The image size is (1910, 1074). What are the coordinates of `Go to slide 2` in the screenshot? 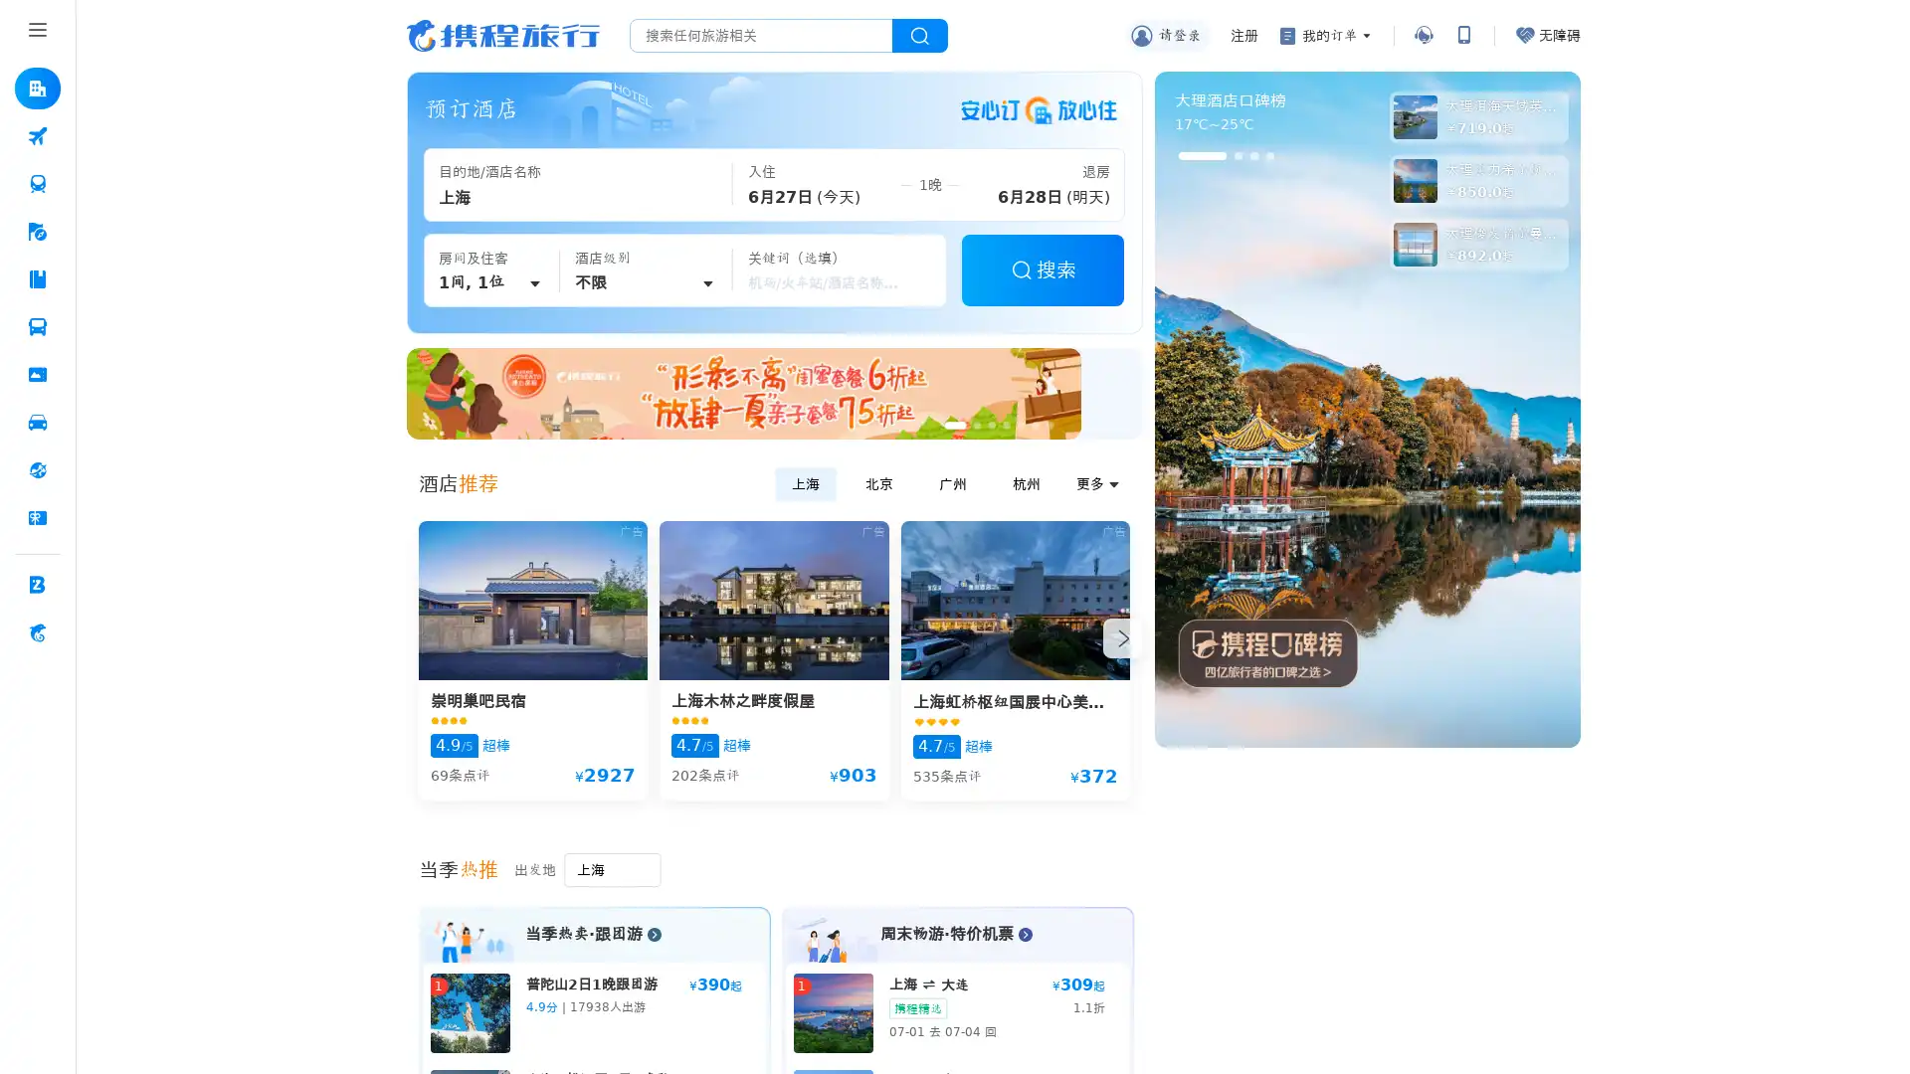 It's located at (1236, 155).